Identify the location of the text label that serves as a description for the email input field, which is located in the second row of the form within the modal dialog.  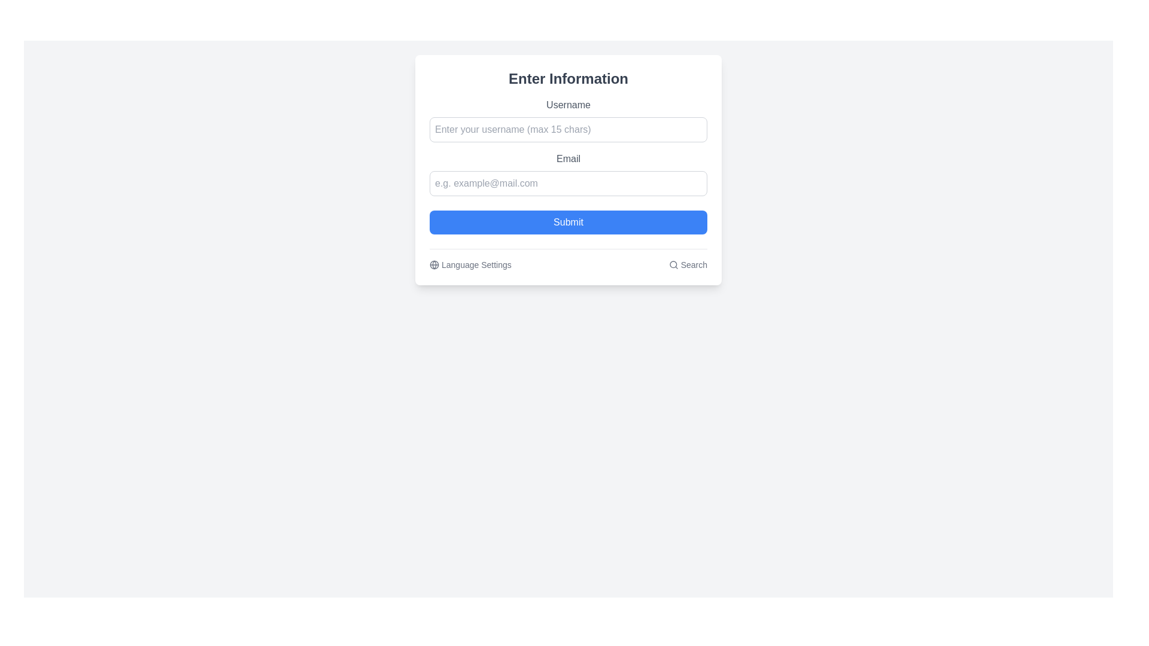
(568, 159).